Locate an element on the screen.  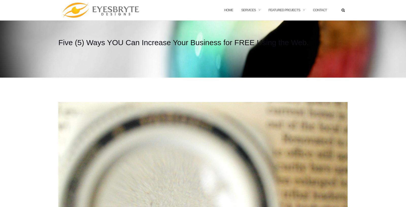
'Featured Projects' is located at coordinates (284, 9).